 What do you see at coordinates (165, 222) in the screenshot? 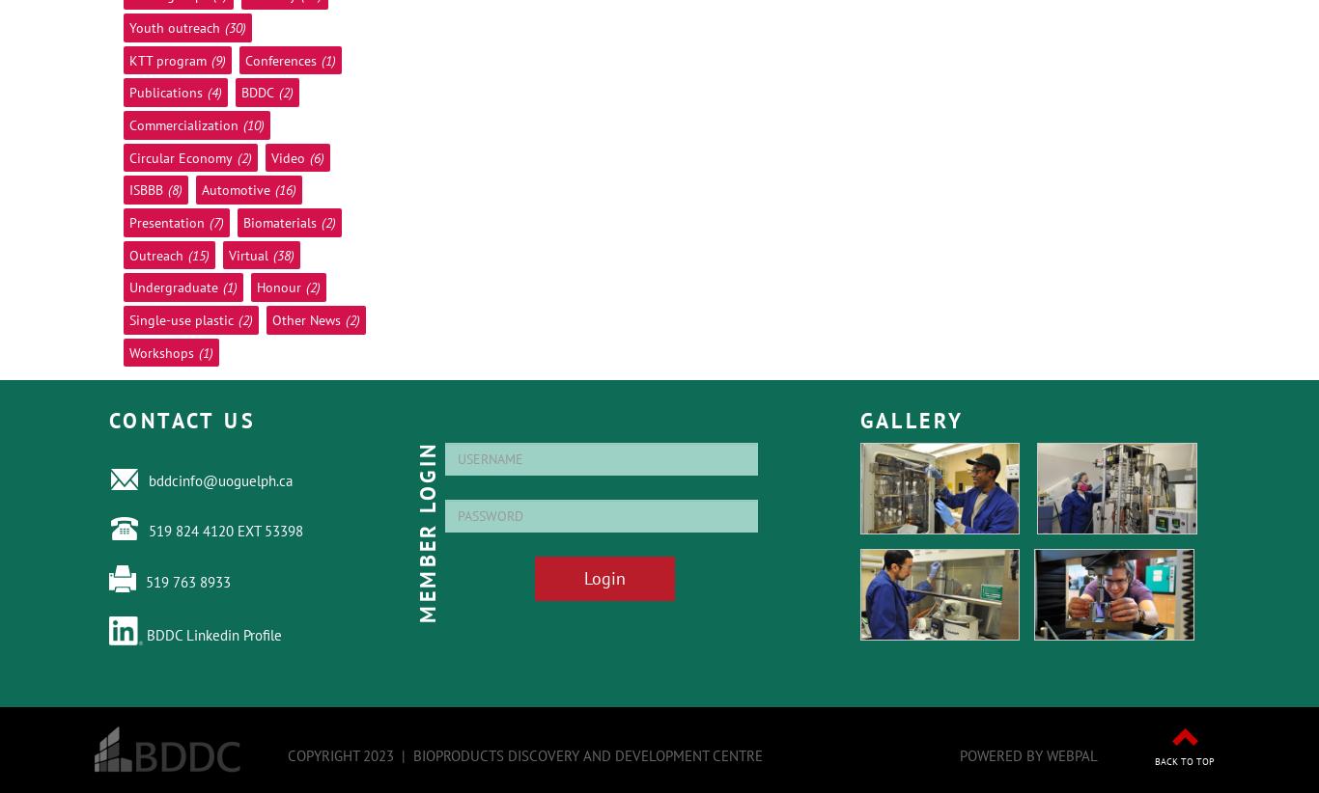
I see `'Presentation'` at bounding box center [165, 222].